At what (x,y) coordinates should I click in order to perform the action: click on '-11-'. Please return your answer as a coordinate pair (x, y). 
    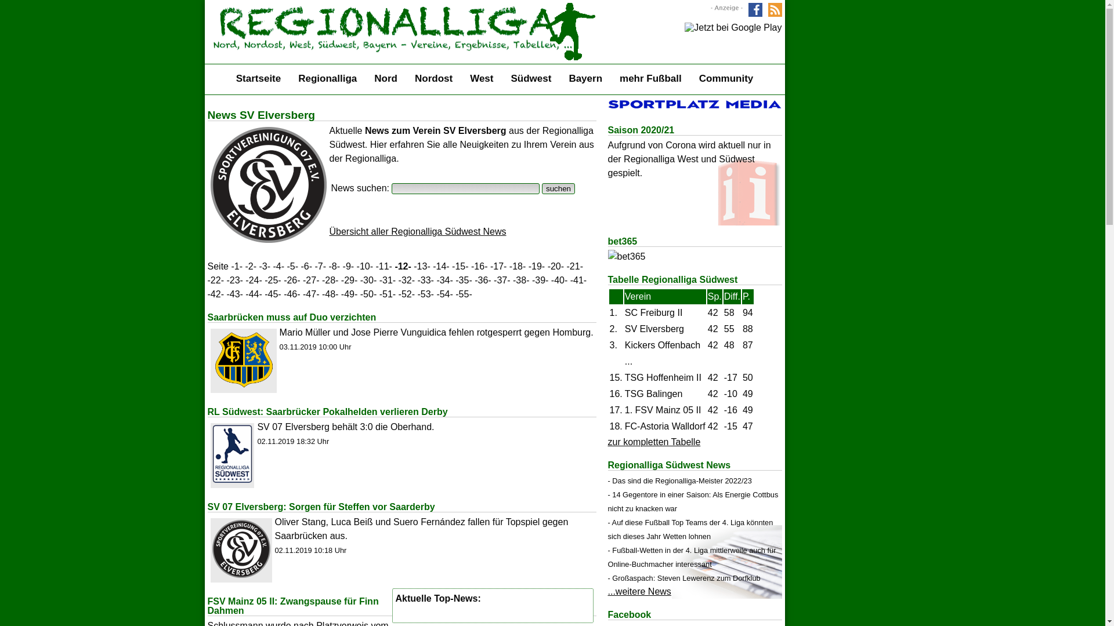
    Looking at the image, I should click on (375, 266).